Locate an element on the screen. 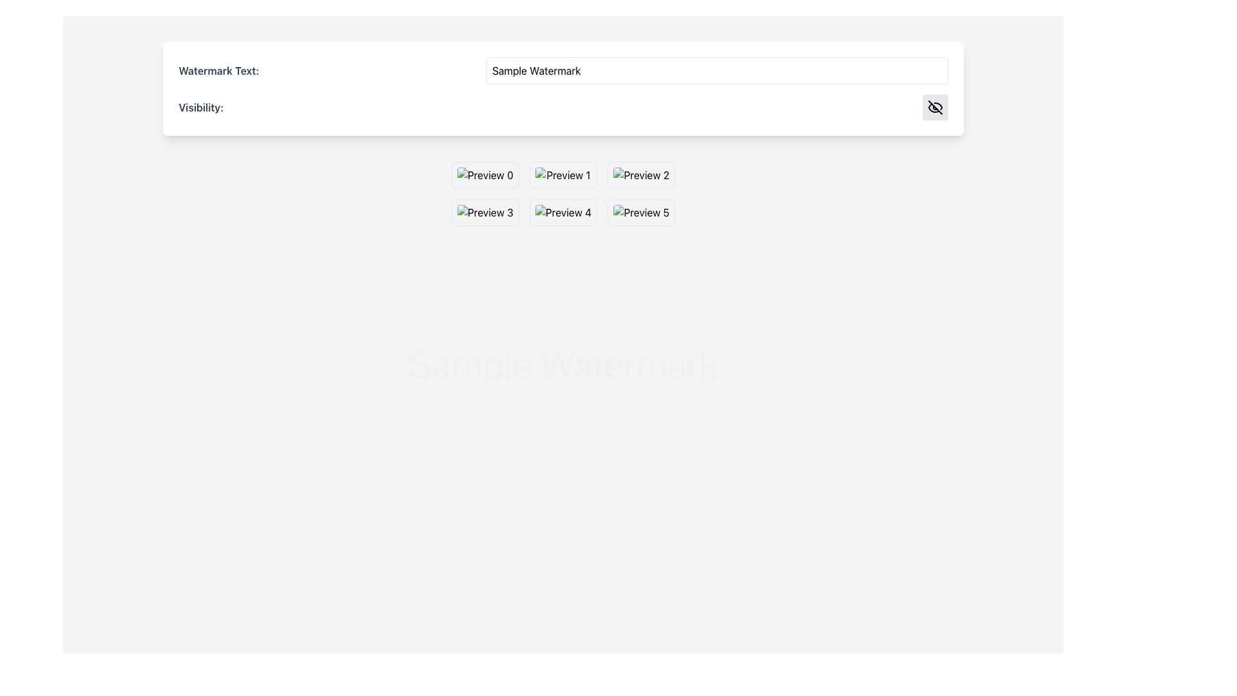 The height and width of the screenshot is (696, 1237). the button for toggling visibility, located directly to the right of the 'Visibility:' label is located at coordinates (935, 106).